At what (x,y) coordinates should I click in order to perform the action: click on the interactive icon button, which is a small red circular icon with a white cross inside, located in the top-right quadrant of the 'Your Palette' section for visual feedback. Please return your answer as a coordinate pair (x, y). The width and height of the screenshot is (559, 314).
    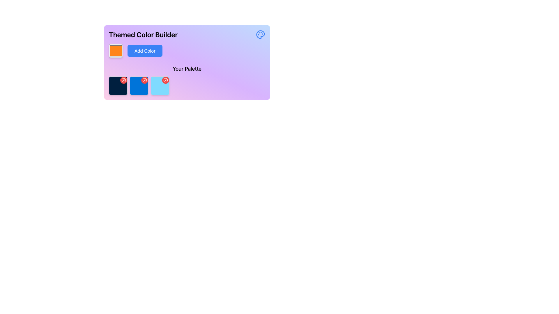
    Looking at the image, I should click on (123, 80).